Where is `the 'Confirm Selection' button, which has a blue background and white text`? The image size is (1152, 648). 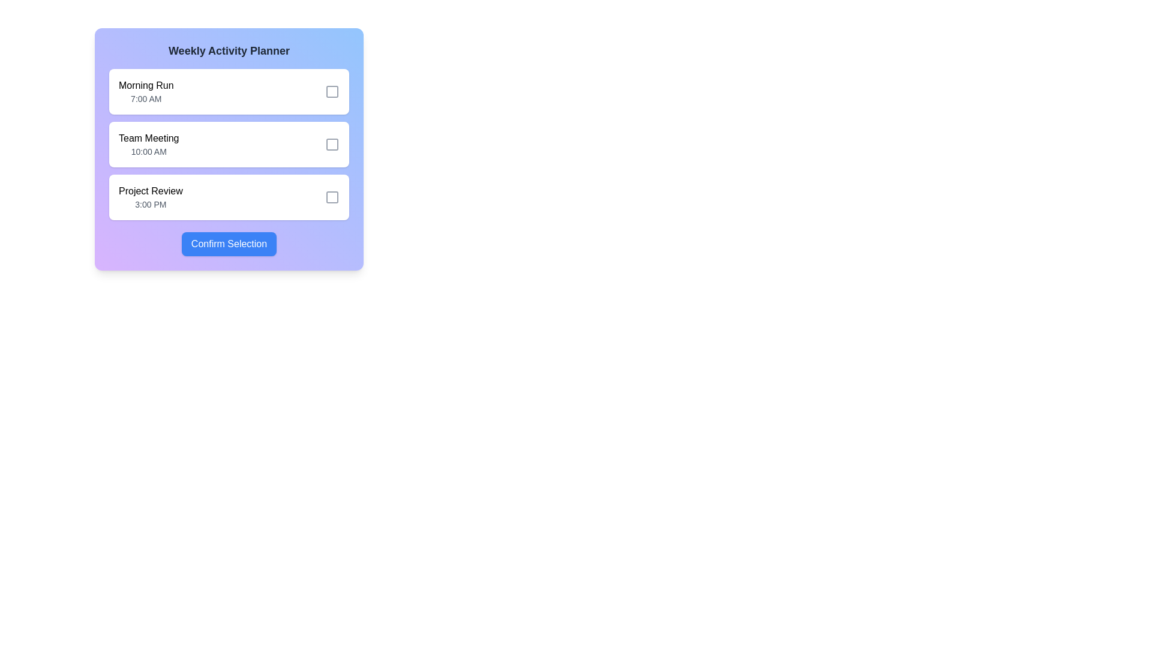 the 'Confirm Selection' button, which has a blue background and white text is located at coordinates (229, 244).